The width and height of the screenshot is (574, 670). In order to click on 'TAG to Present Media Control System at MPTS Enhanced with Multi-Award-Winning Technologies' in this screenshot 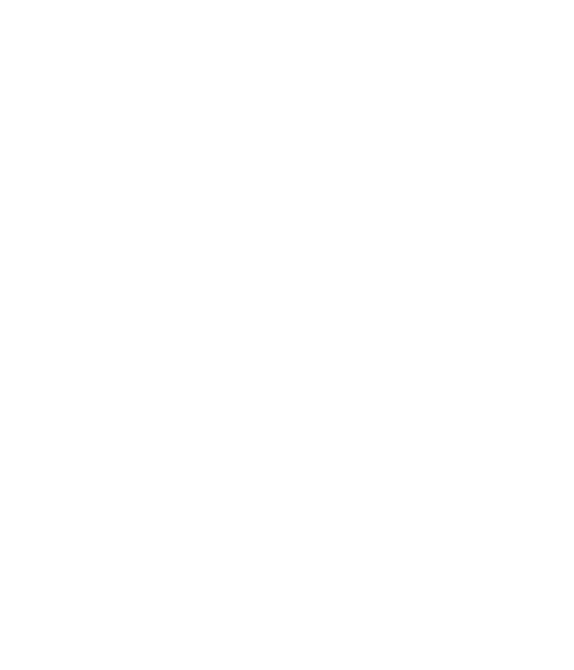, I will do `click(140, 165)`.